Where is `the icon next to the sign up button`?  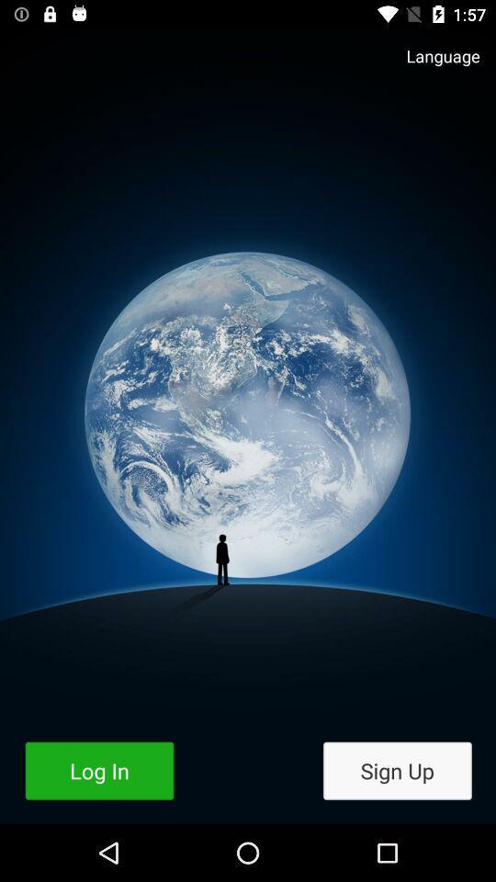 the icon next to the sign up button is located at coordinates (99, 771).